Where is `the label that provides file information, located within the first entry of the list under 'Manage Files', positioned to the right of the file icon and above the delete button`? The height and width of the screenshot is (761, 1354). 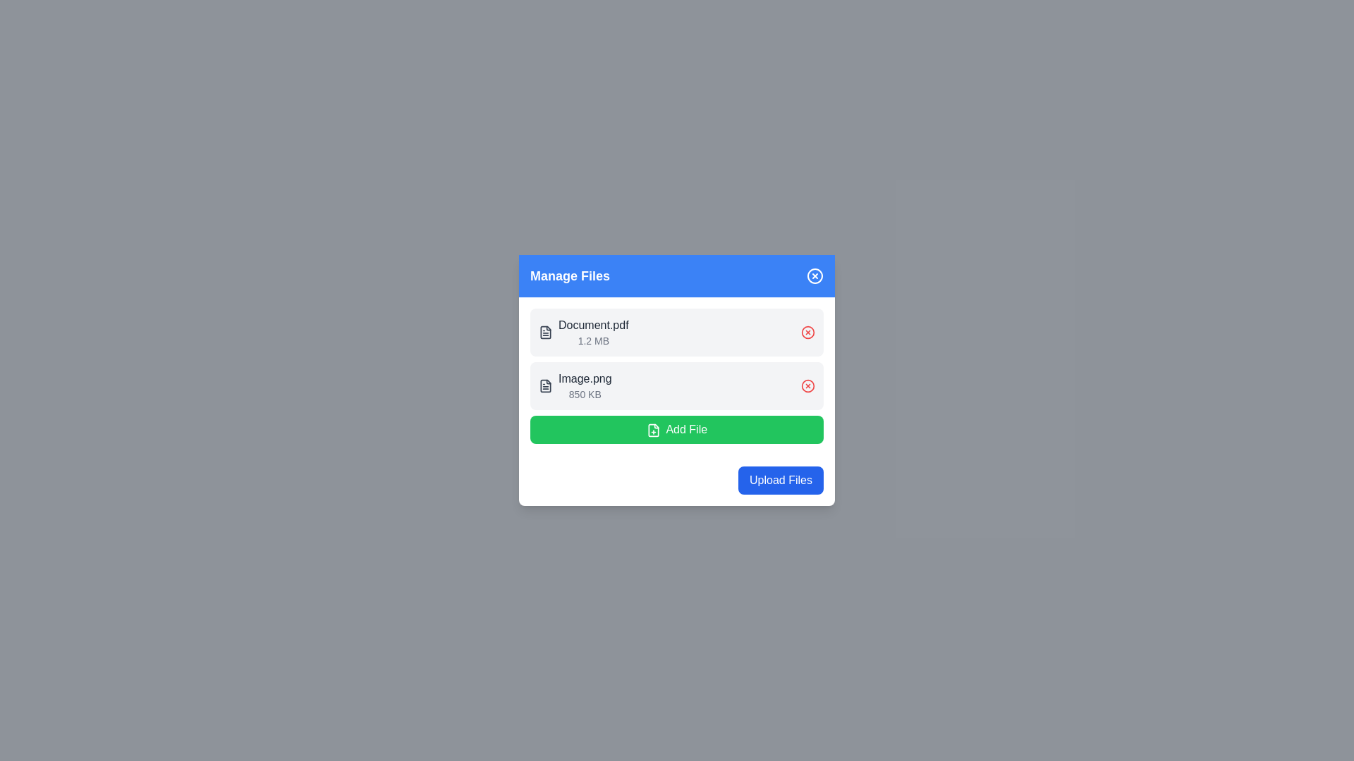 the label that provides file information, located within the first entry of the list under 'Manage Files', positioned to the right of the file icon and above the delete button is located at coordinates (583, 332).